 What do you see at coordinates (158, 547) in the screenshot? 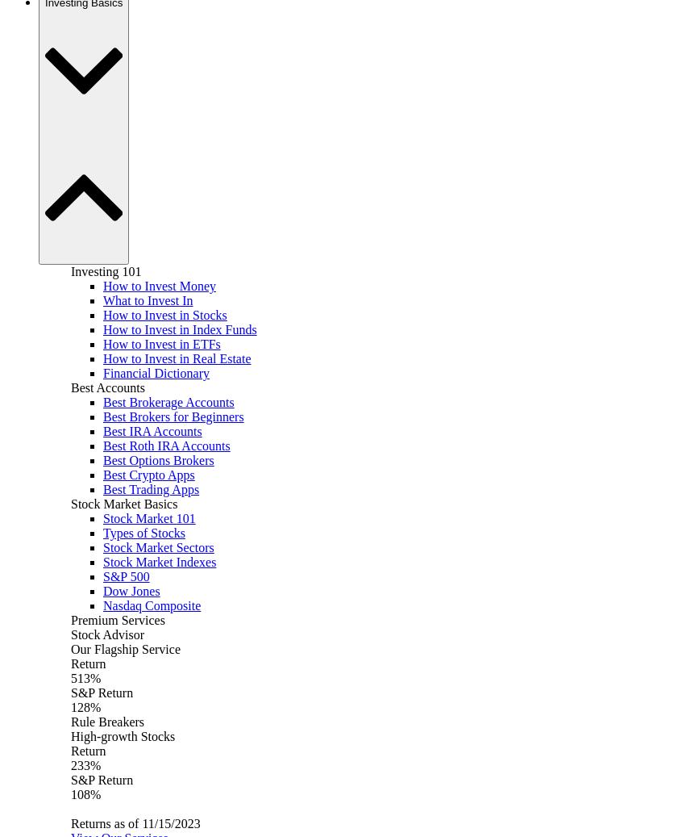
I see `'Stock Market Sectors'` at bounding box center [158, 547].